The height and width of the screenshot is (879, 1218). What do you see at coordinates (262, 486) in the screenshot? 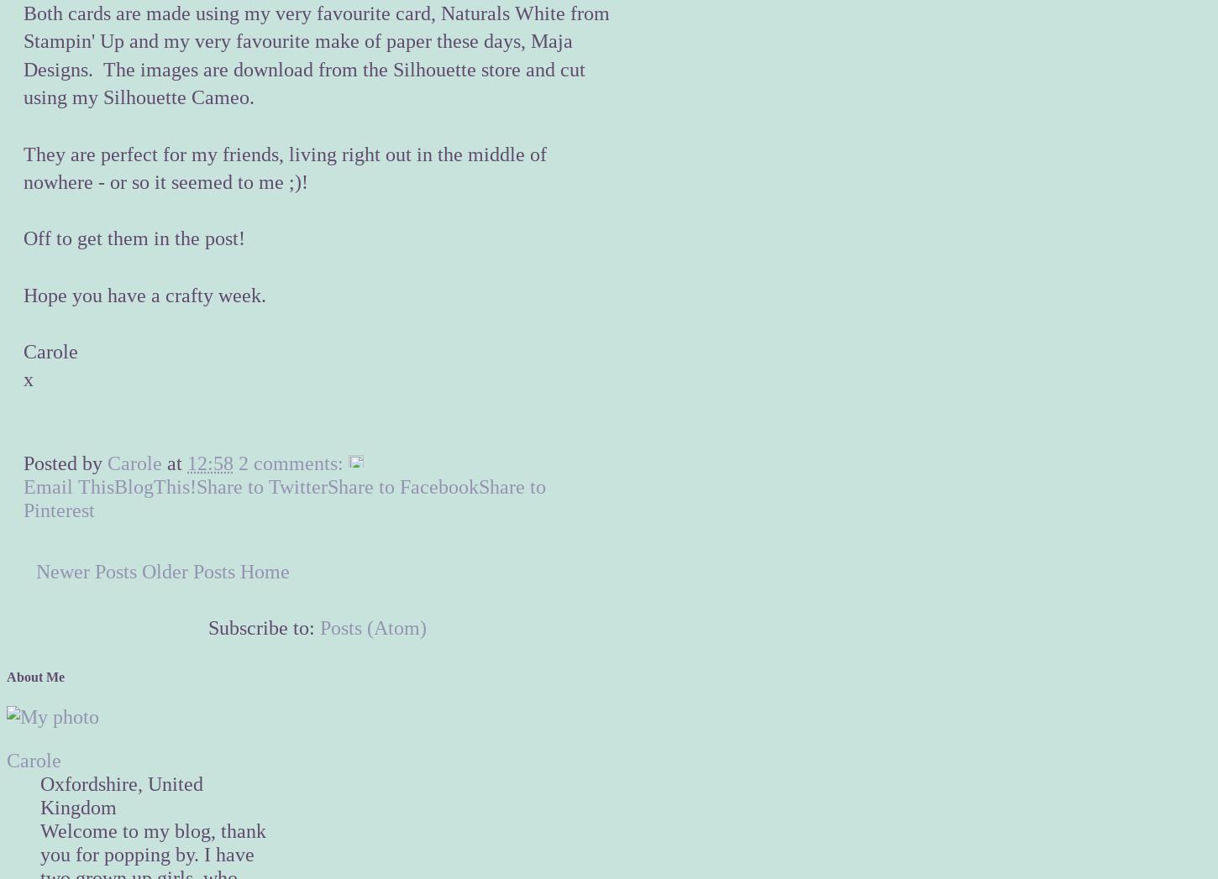
I see `'Share to Twitter'` at bounding box center [262, 486].